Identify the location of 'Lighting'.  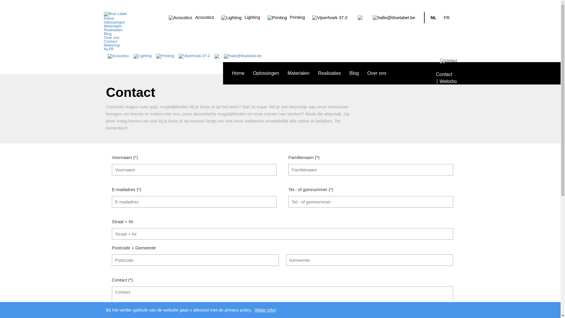
(240, 17).